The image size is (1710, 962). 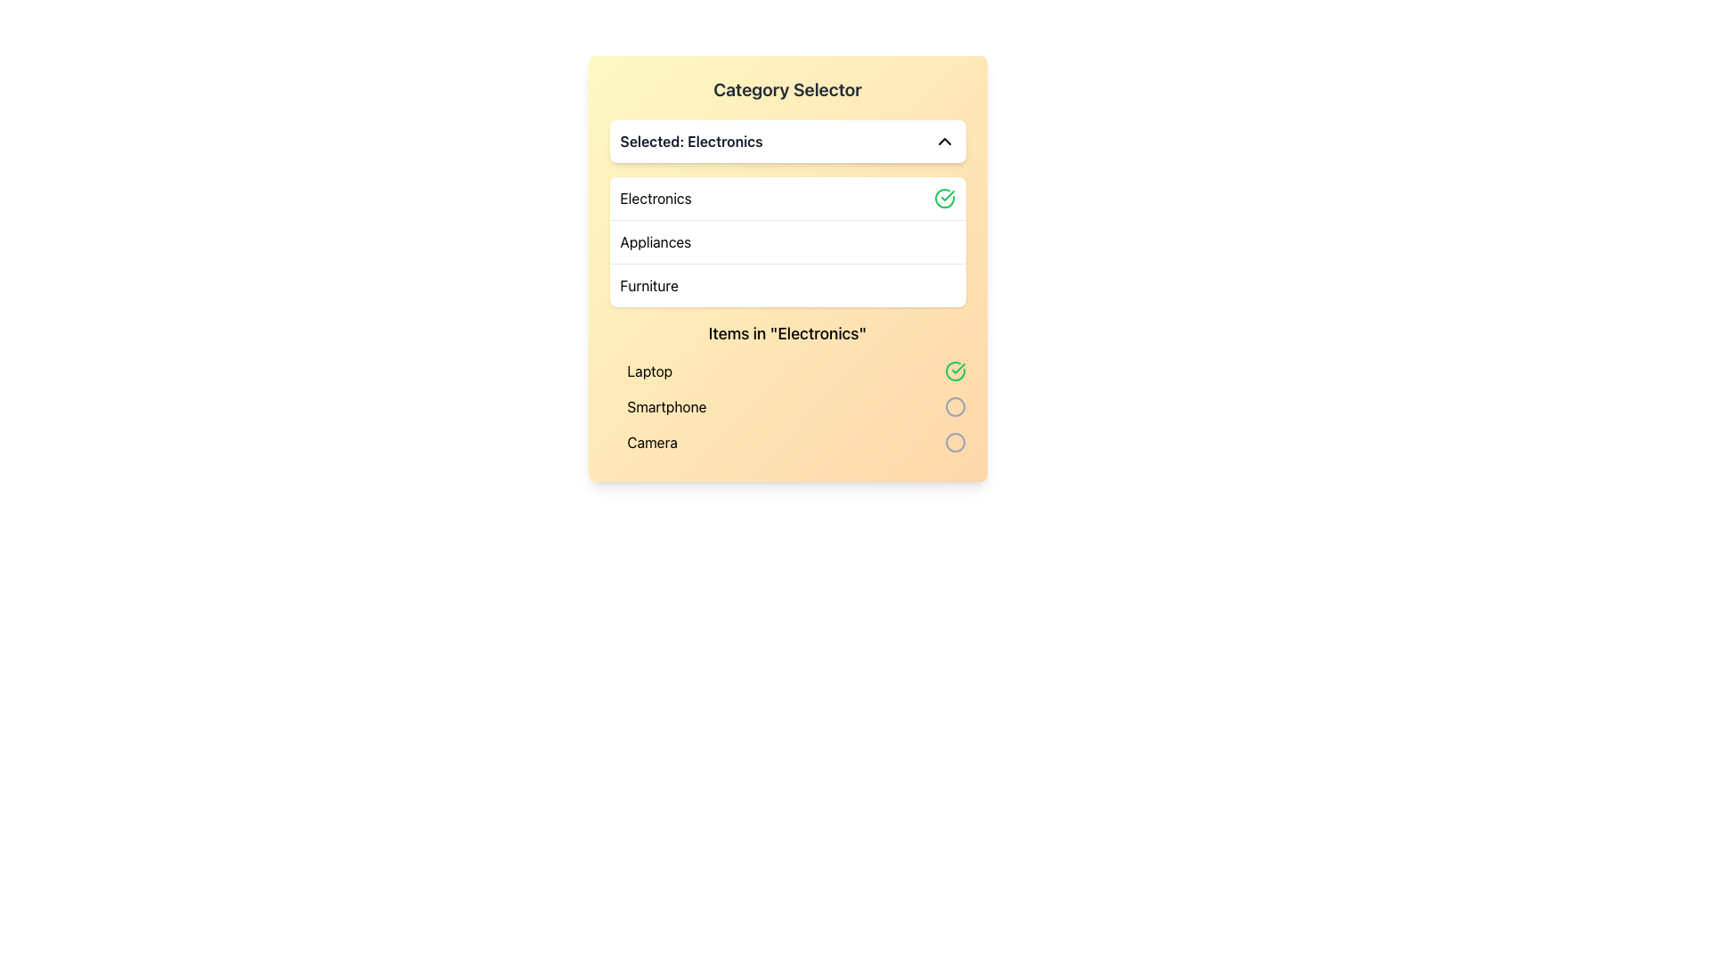 What do you see at coordinates (651, 442) in the screenshot?
I see `the 'Camera' text label in the 'Electronics' category` at bounding box center [651, 442].